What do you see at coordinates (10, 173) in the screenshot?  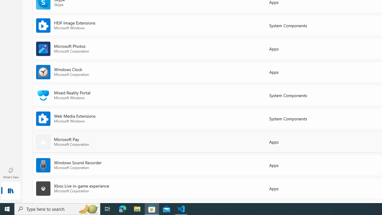 I see `'What'` at bounding box center [10, 173].